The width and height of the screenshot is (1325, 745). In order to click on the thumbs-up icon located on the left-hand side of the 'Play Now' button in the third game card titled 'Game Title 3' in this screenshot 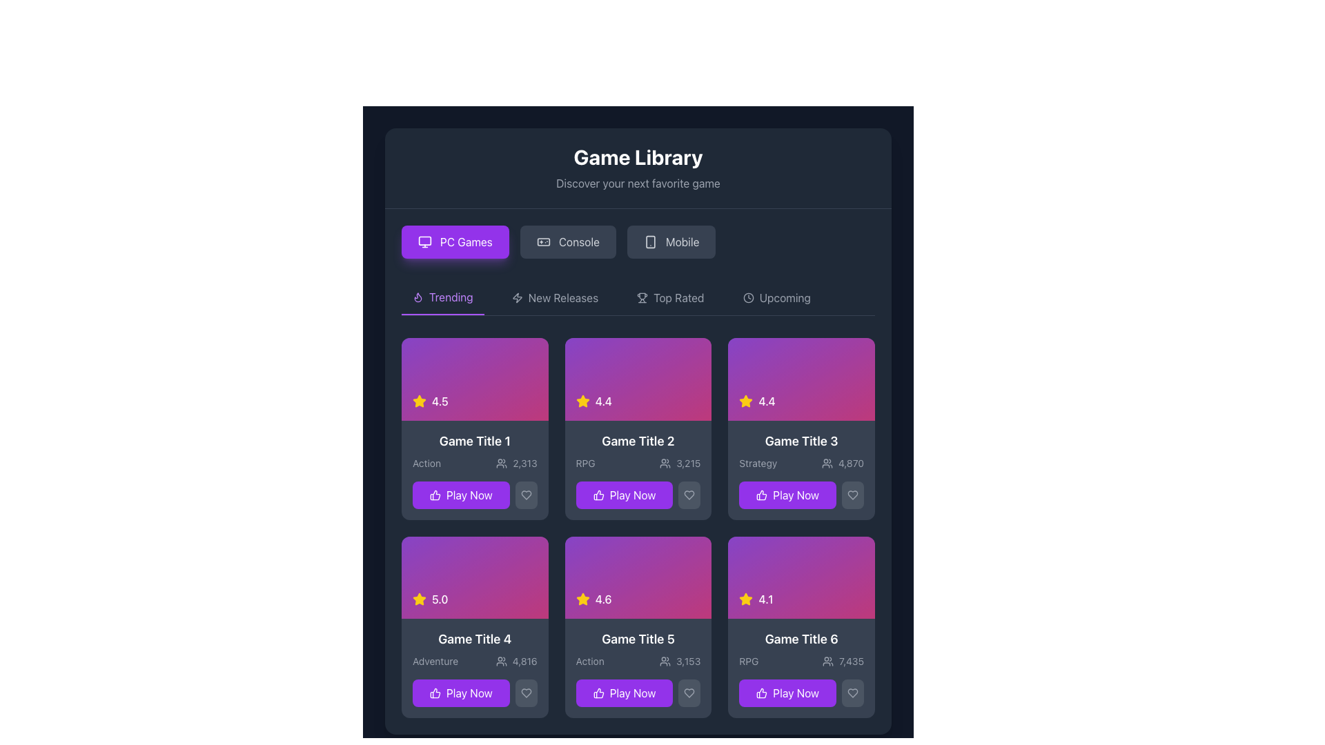, I will do `click(761, 494)`.